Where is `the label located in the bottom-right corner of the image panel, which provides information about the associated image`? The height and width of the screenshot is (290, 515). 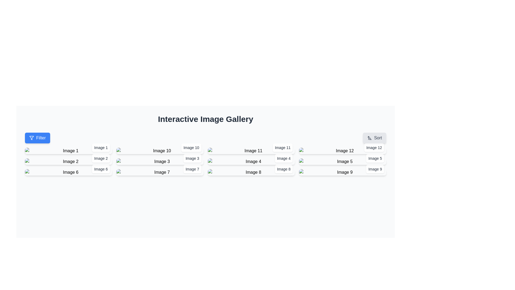 the label located in the bottom-right corner of the image panel, which provides information about the associated image is located at coordinates (375, 158).